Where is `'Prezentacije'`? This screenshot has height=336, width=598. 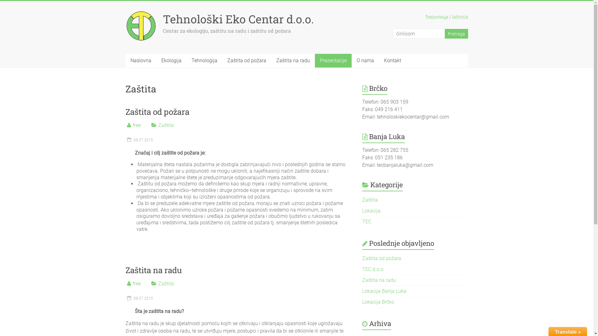 'Prezentacije' is located at coordinates (333, 61).